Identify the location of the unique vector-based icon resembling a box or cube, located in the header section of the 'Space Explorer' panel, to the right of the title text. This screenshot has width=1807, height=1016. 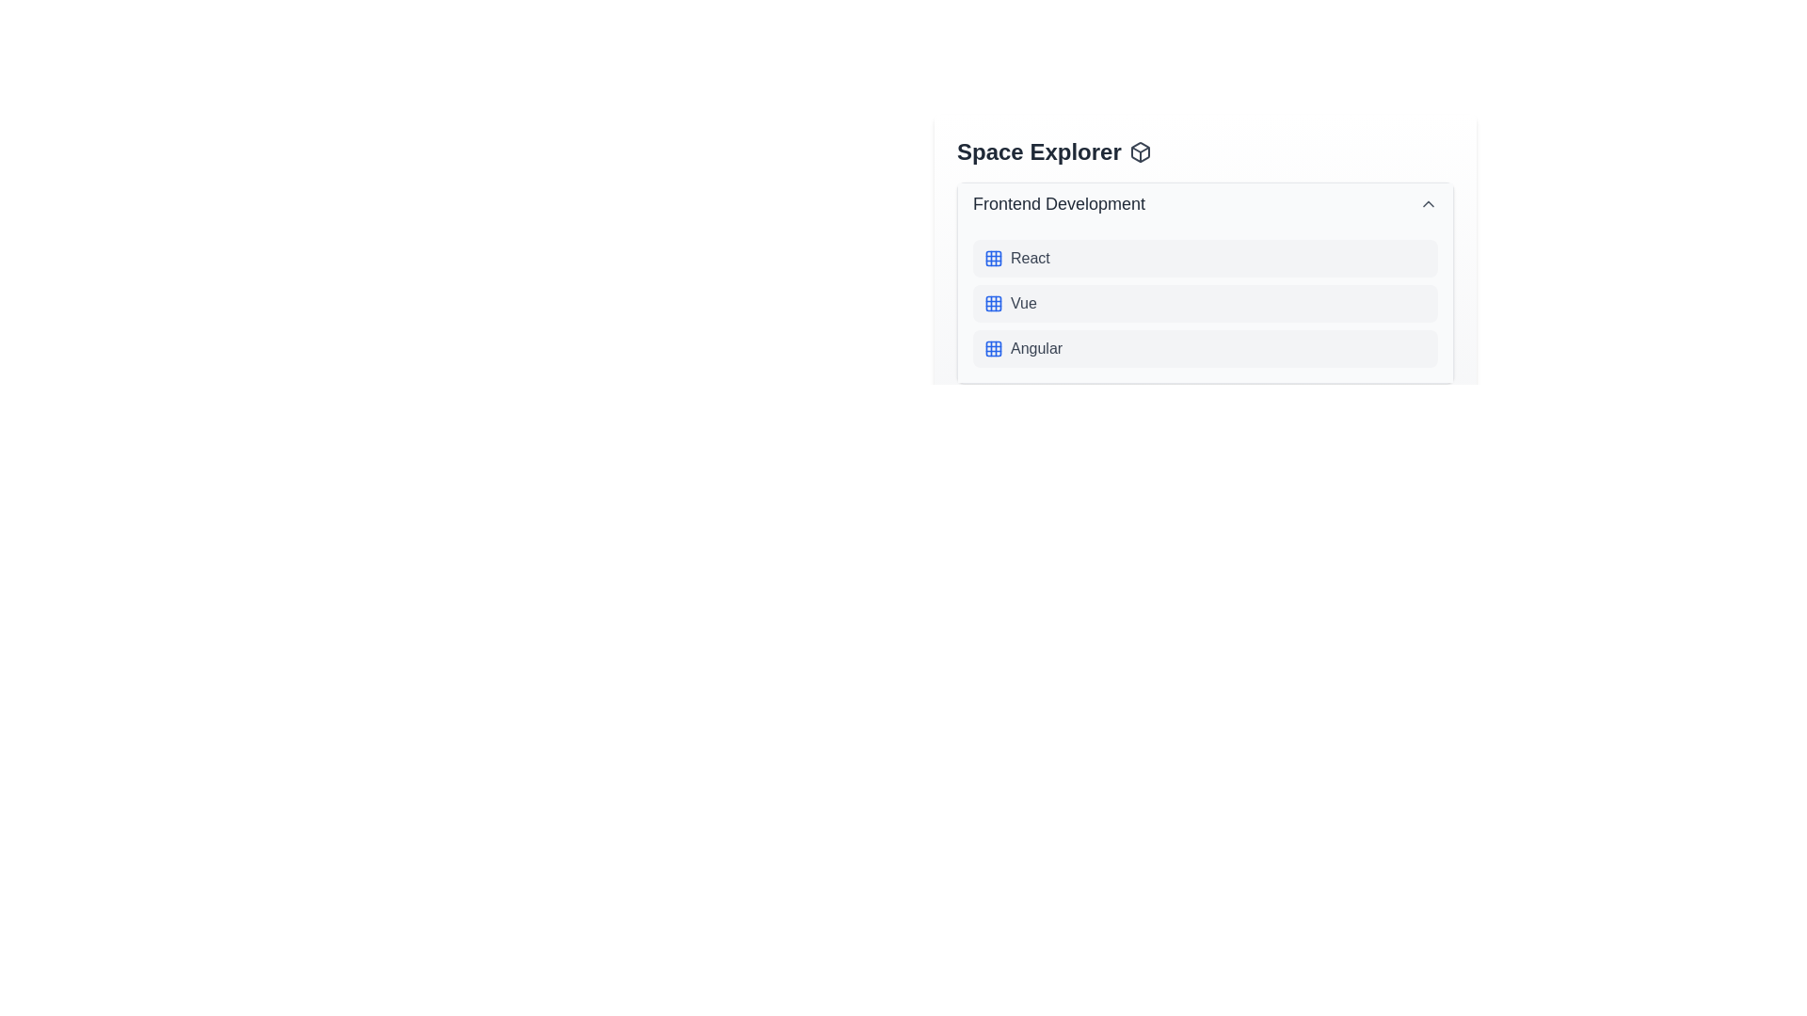
(1139, 151).